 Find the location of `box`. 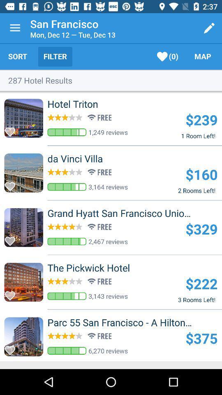

box is located at coordinates (12, 293).